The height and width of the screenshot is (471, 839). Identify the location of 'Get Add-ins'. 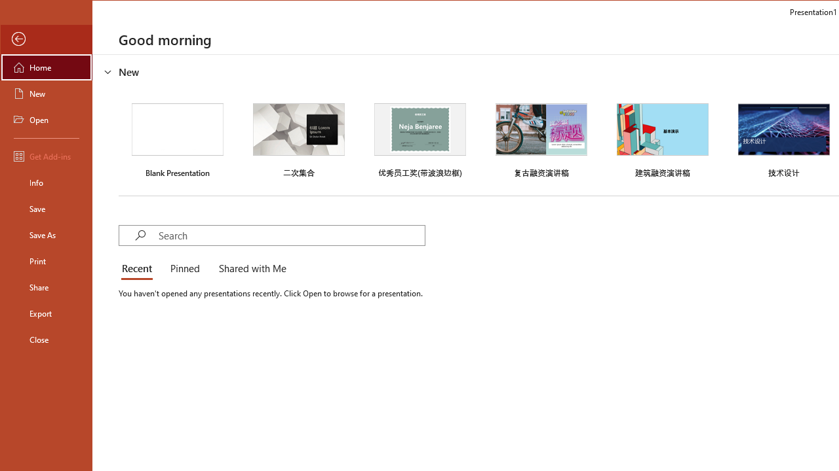
(47, 156).